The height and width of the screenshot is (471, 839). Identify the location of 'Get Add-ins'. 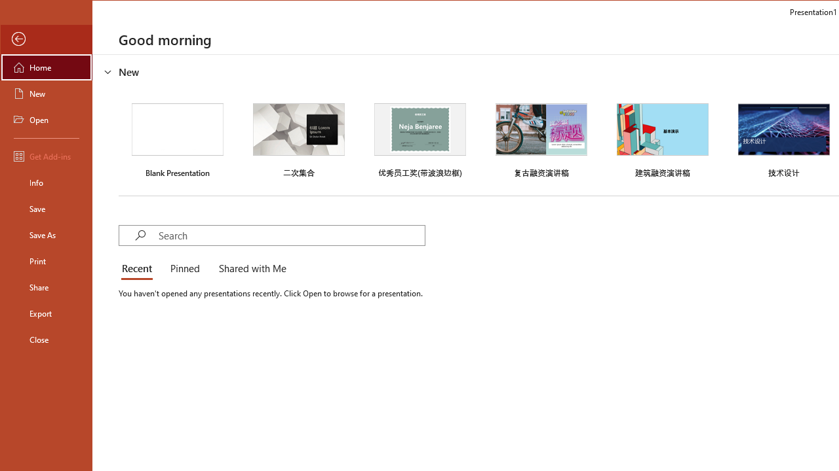
(47, 156).